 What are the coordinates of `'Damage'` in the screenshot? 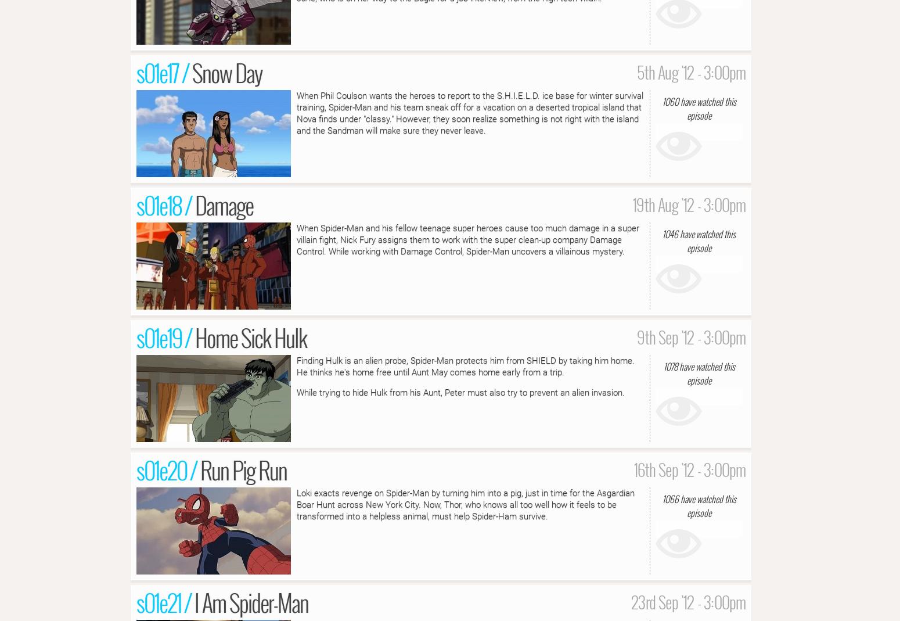 It's located at (223, 204).